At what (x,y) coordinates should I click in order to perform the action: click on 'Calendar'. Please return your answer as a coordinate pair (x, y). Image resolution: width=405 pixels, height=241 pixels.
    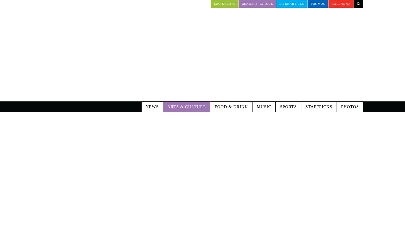
    Looking at the image, I should click on (331, 3).